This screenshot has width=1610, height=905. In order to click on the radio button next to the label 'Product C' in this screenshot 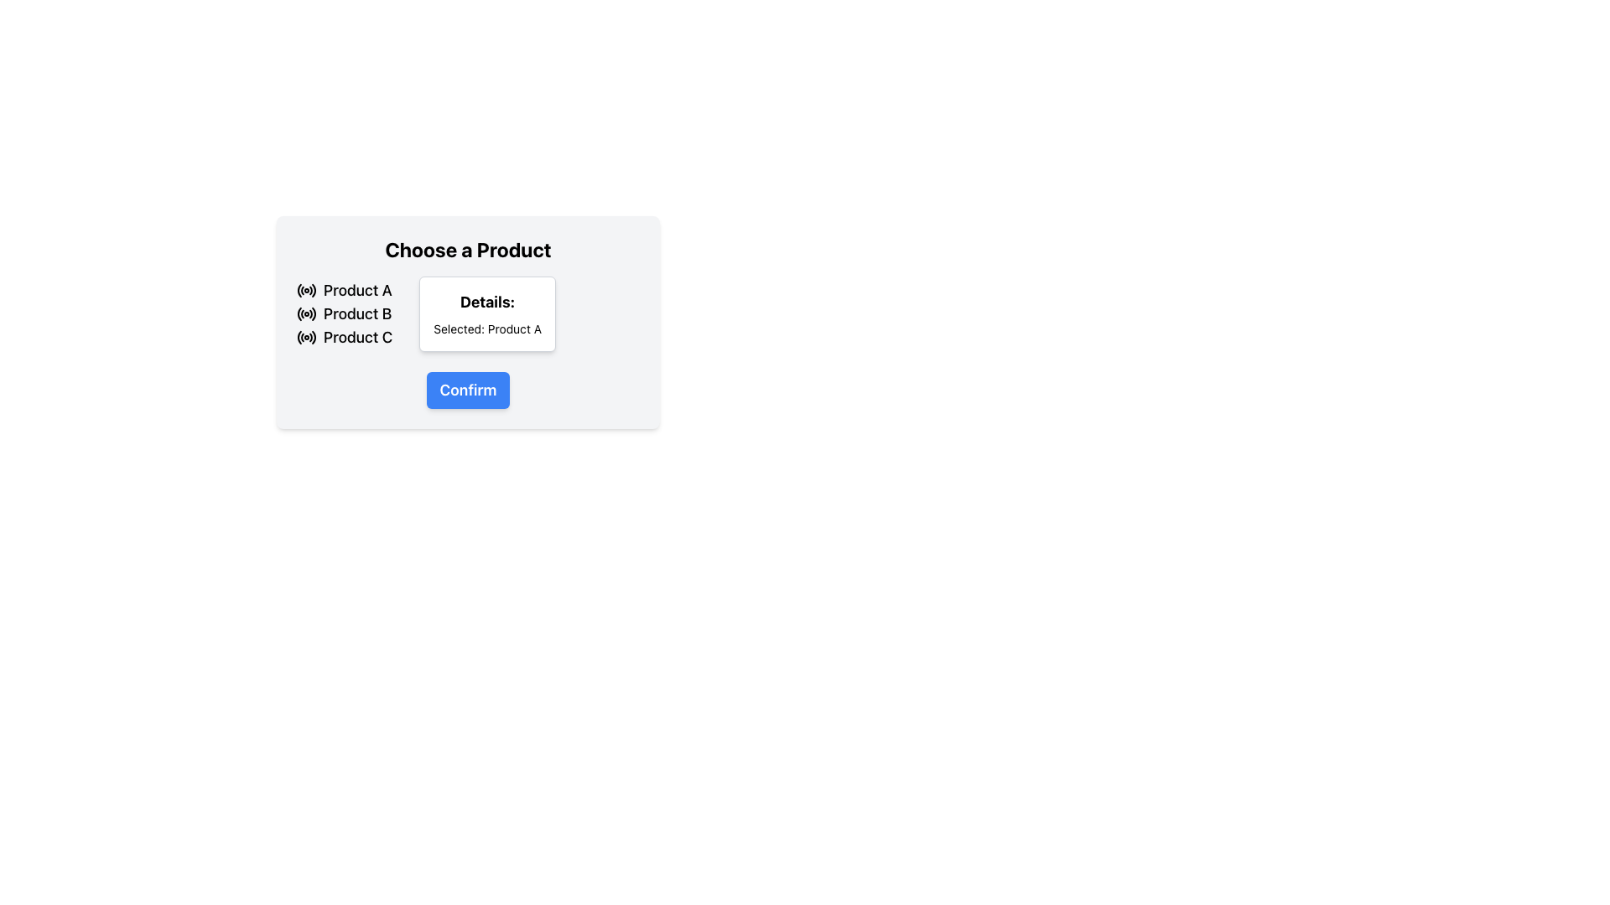, I will do `click(344, 337)`.